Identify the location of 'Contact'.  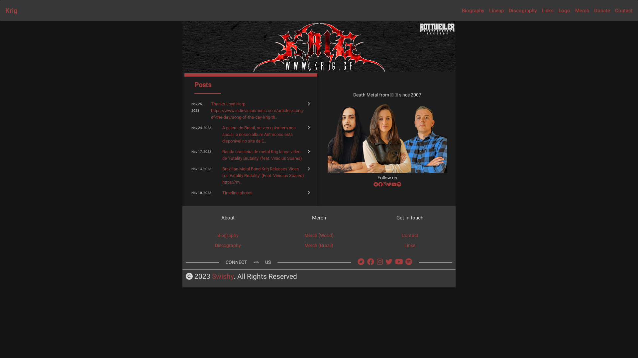
(623, 10).